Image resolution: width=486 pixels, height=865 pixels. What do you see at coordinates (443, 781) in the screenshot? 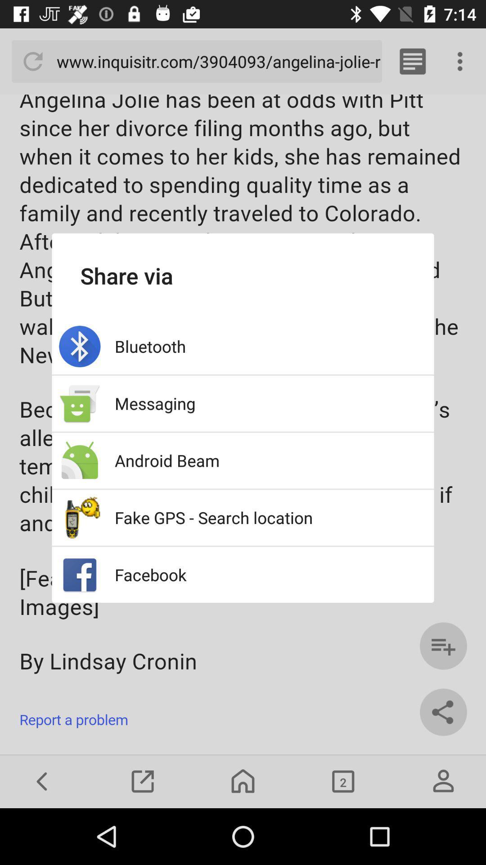
I see `the avatar icon` at bounding box center [443, 781].